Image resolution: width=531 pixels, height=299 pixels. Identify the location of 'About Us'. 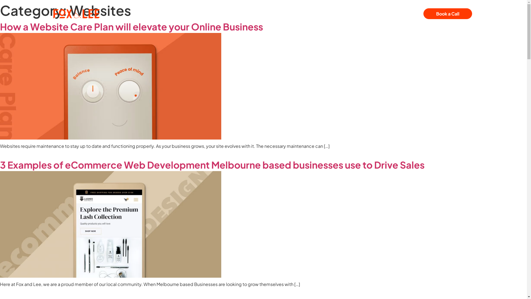
(259, 13).